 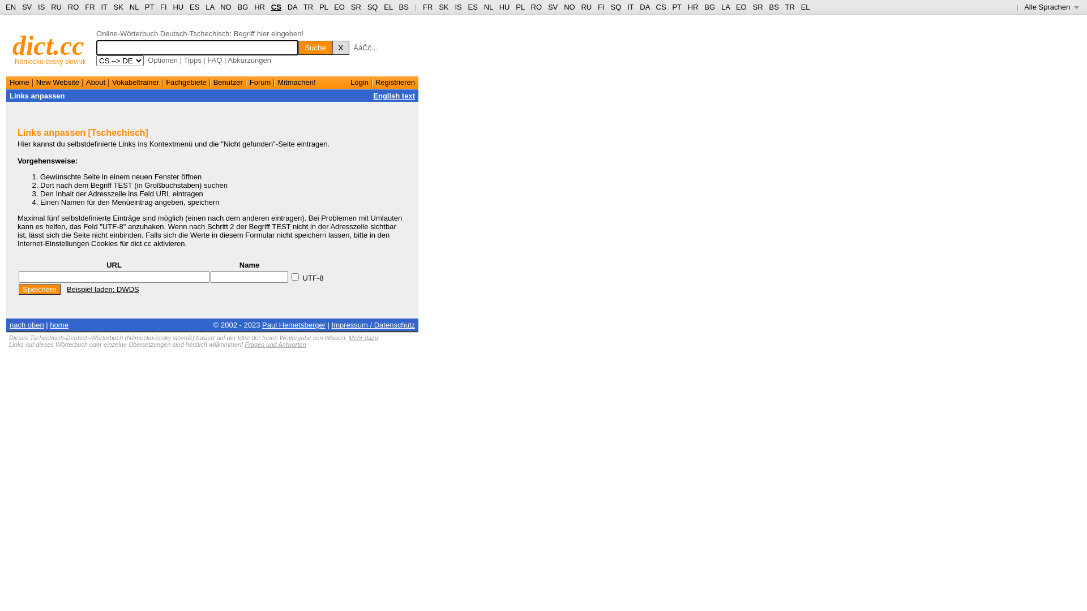 What do you see at coordinates (5, 7) in the screenshot?
I see `'EN'` at bounding box center [5, 7].